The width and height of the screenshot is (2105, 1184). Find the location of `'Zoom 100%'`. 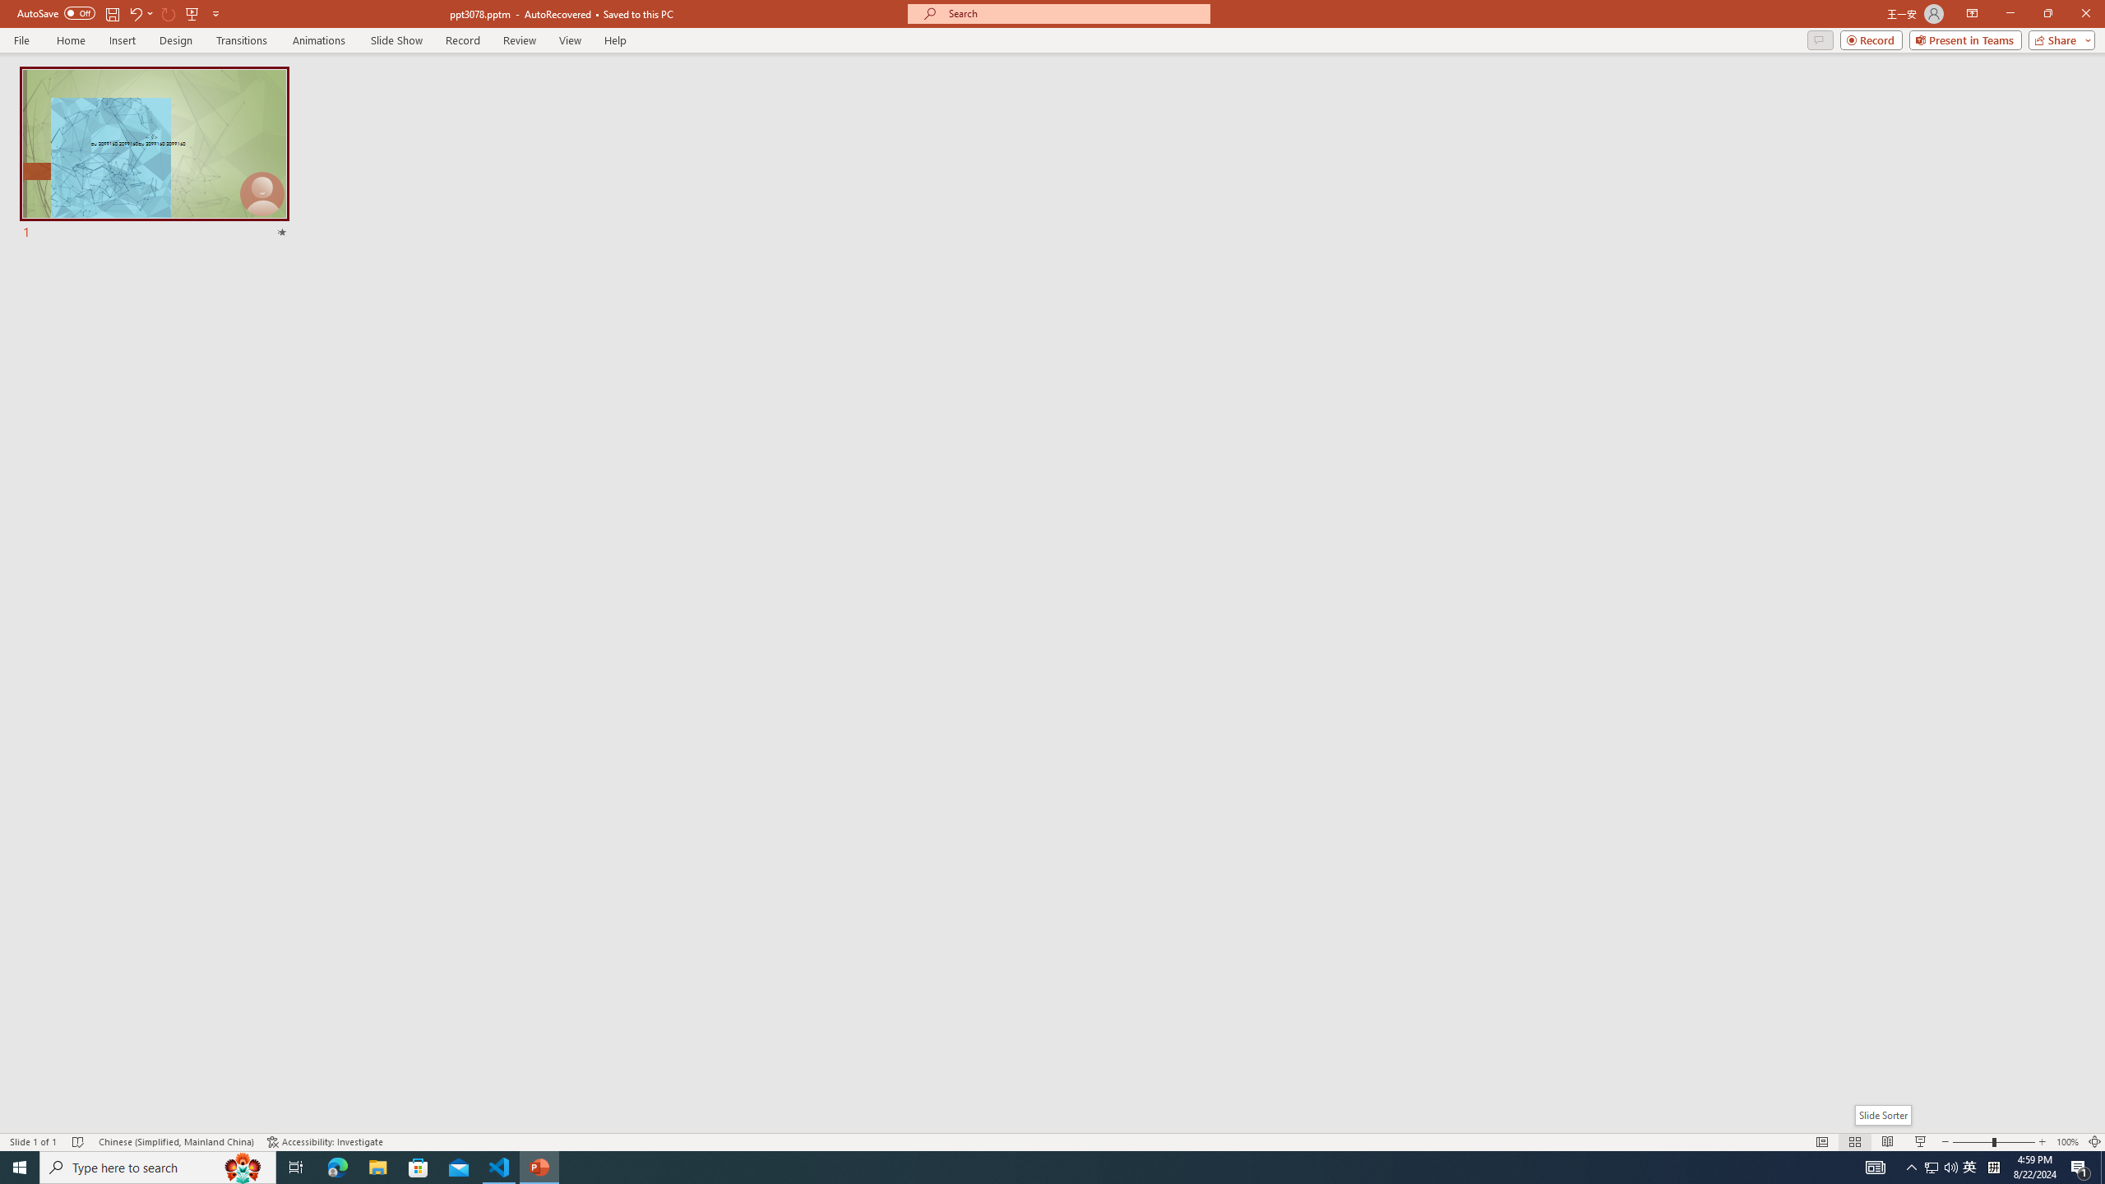

'Zoom 100%' is located at coordinates (2068, 1142).